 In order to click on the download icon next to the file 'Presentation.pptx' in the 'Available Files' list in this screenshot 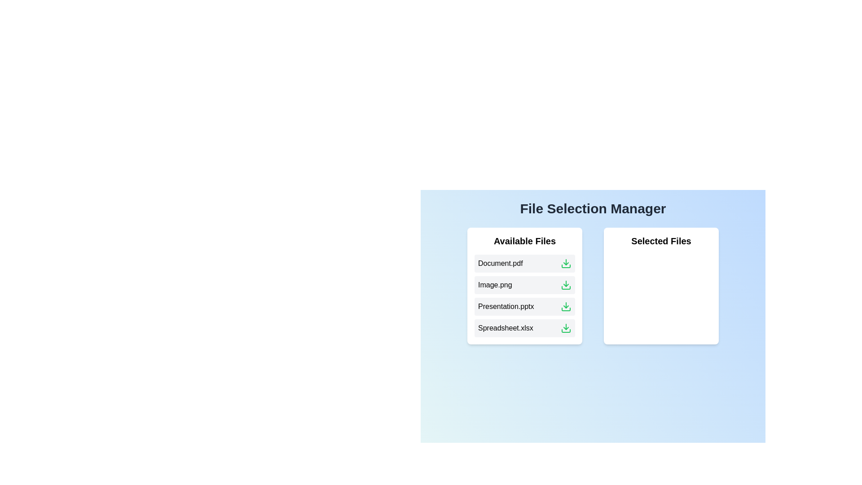, I will do `click(566, 306)`.